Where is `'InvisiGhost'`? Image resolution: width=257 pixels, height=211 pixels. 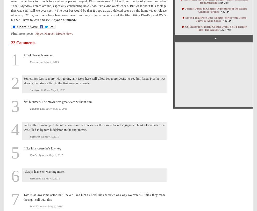
'InvisiGhost' is located at coordinates (37, 206).